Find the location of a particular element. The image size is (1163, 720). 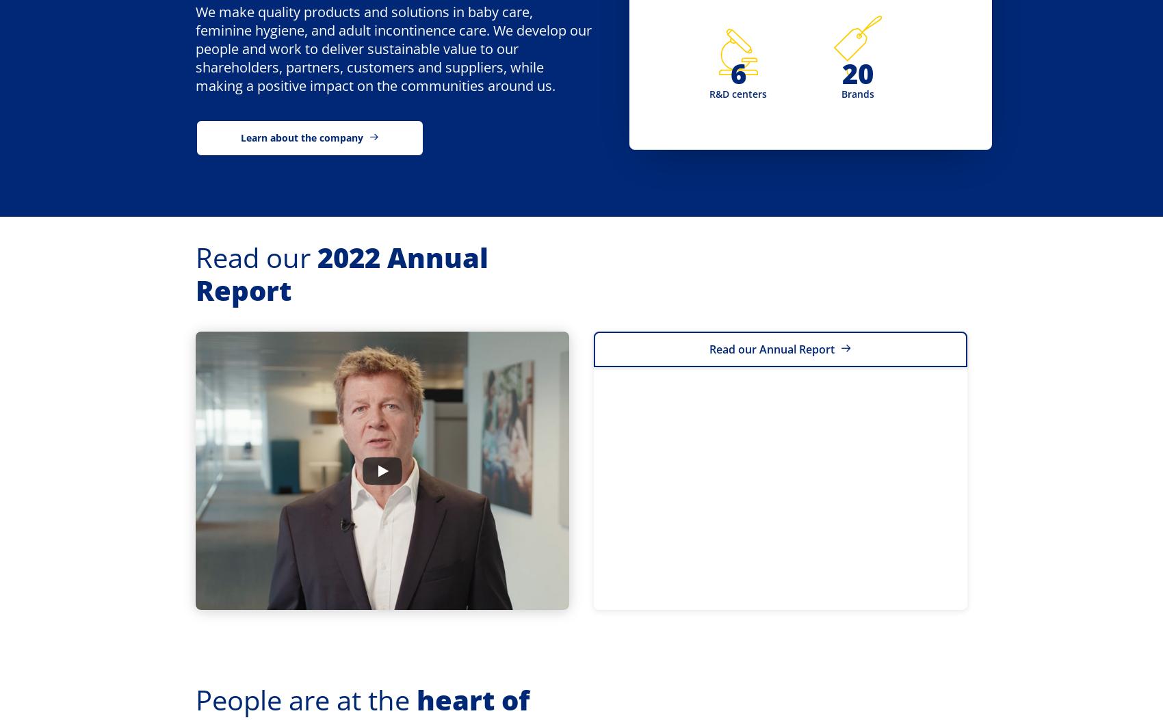

'R&D centers' is located at coordinates (737, 93).